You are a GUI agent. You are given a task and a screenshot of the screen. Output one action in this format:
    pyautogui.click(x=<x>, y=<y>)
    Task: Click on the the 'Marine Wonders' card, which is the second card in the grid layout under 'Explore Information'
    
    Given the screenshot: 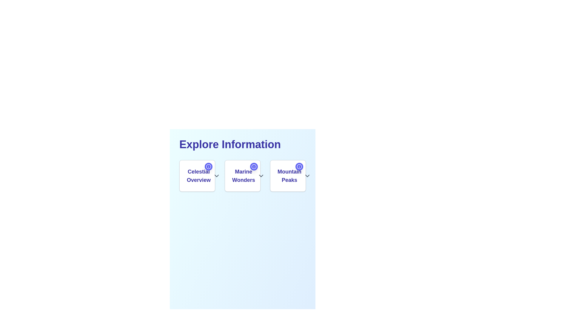 What is the action you would take?
    pyautogui.click(x=242, y=176)
    